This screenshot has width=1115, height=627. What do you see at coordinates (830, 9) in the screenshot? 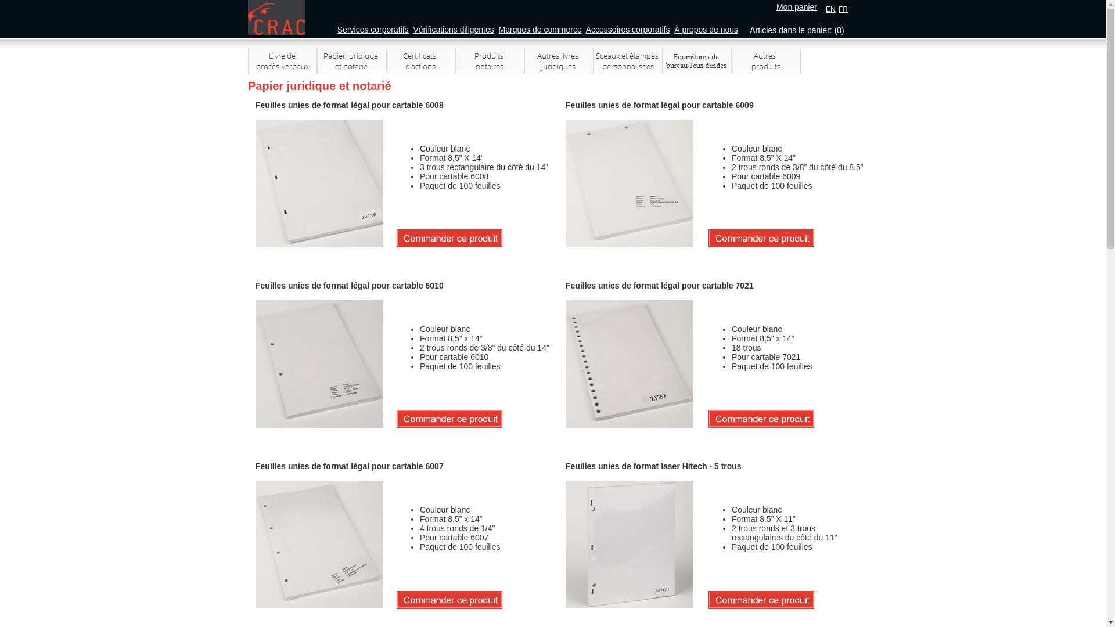
I see `'EN'` at bounding box center [830, 9].